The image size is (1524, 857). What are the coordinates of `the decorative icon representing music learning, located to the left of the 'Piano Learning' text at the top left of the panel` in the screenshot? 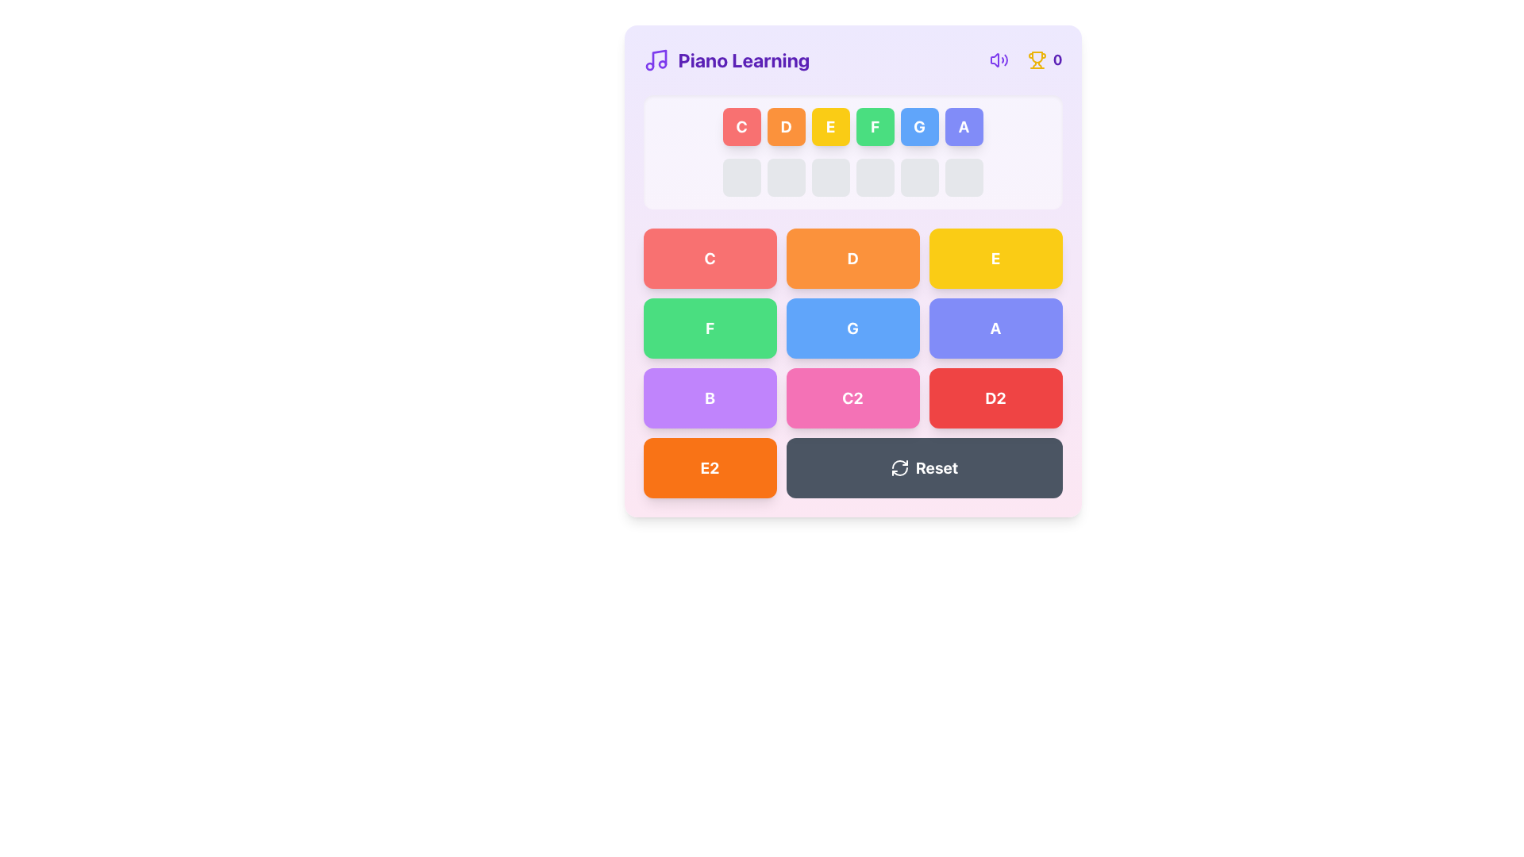 It's located at (656, 60).